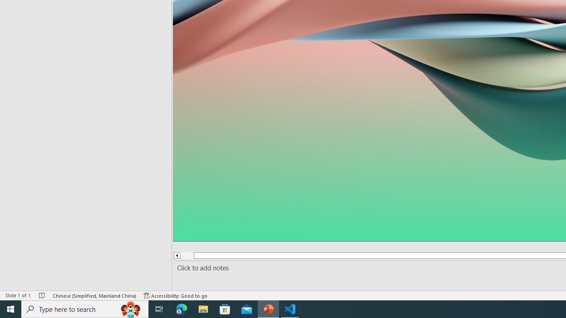 The width and height of the screenshot is (566, 318). I want to click on 'Microsoft Edge', so click(181, 308).